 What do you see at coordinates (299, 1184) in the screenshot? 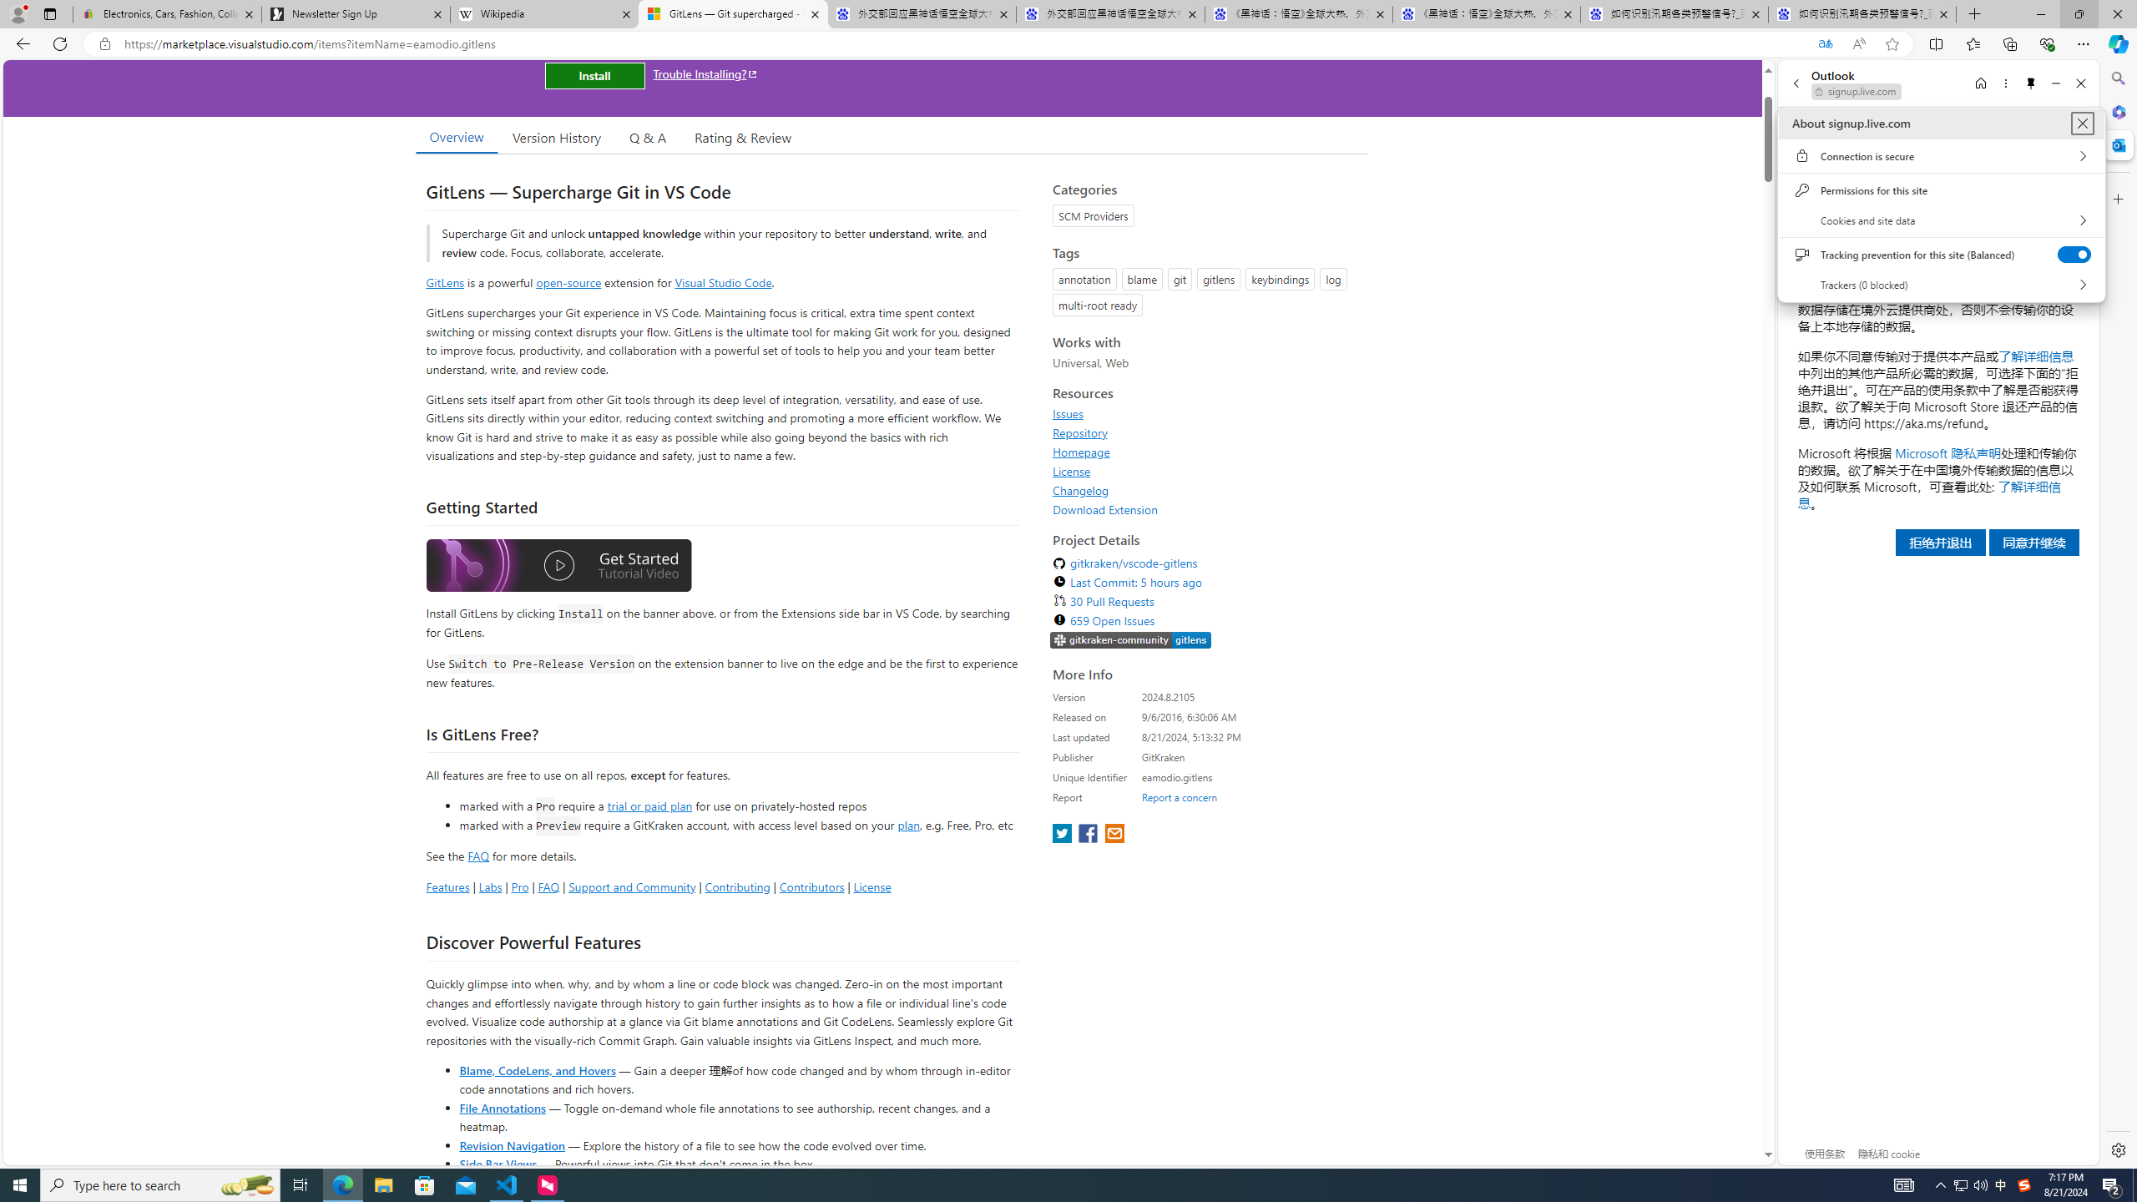
I see `'Task View'` at bounding box center [299, 1184].